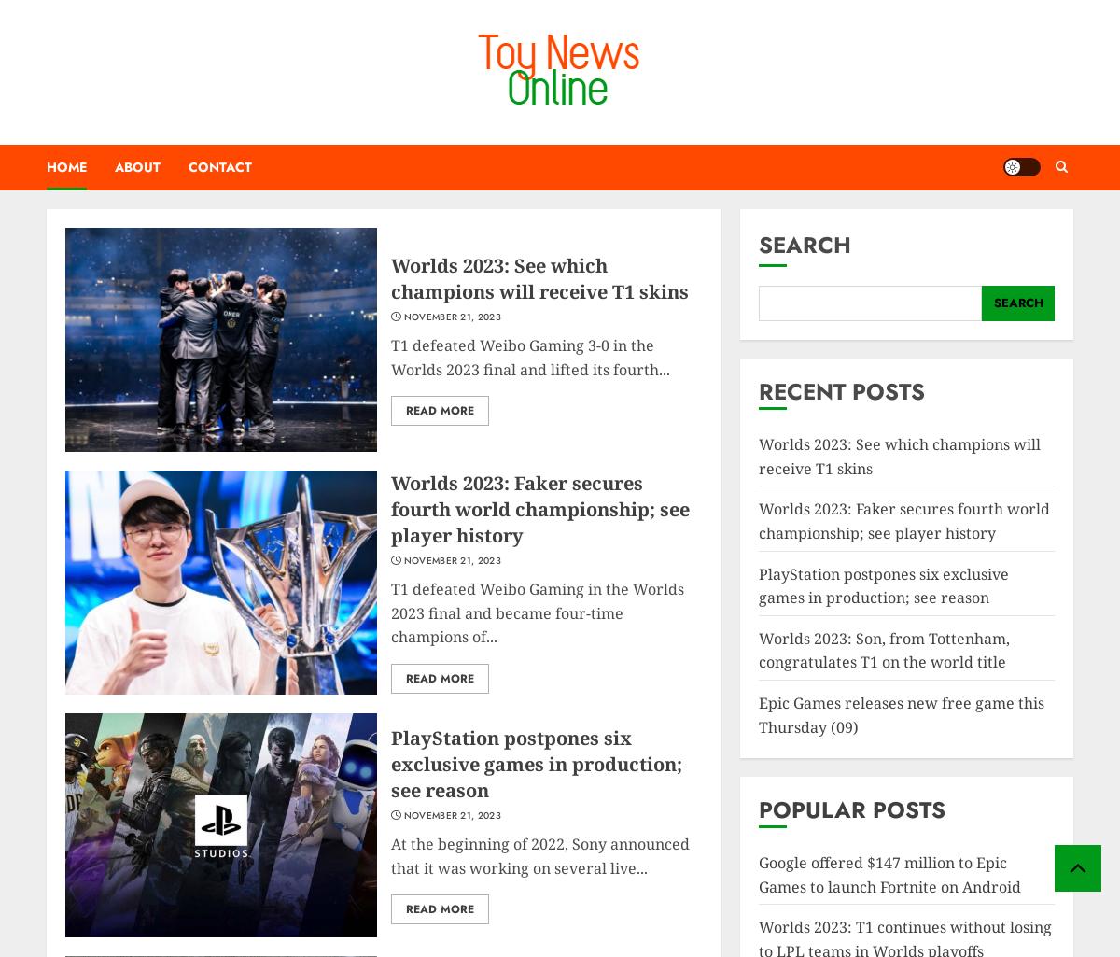 The width and height of the screenshot is (1120, 957). What do you see at coordinates (842, 390) in the screenshot?
I see `'Recent Posts'` at bounding box center [842, 390].